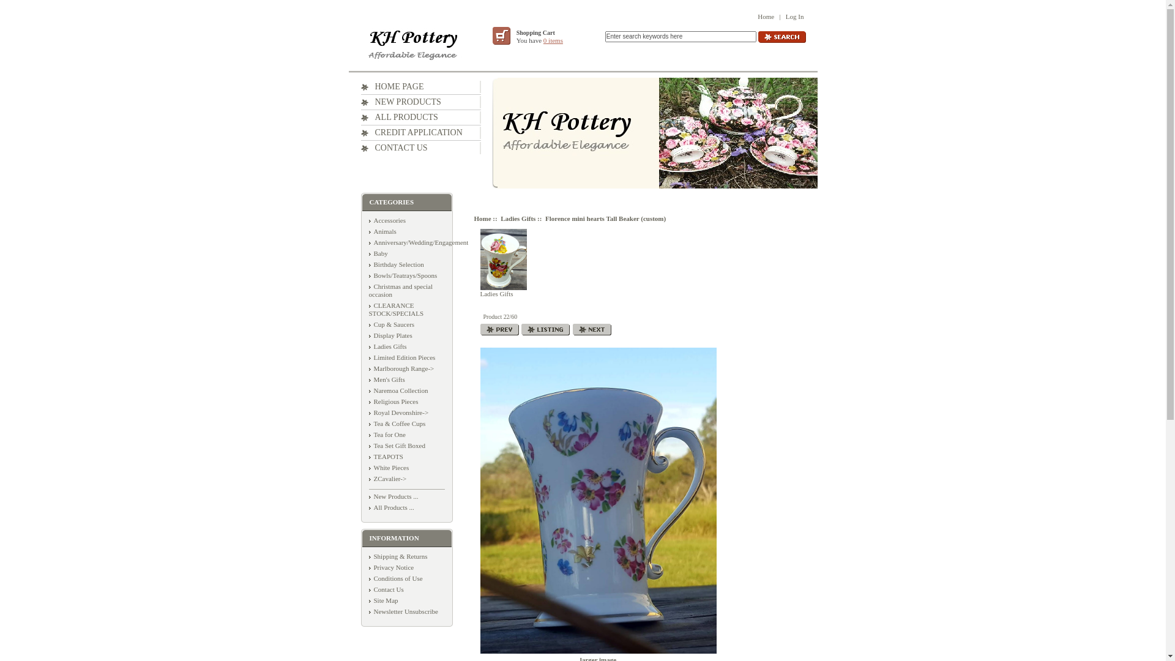 The image size is (1175, 661). I want to click on ' Next ', so click(592, 329).